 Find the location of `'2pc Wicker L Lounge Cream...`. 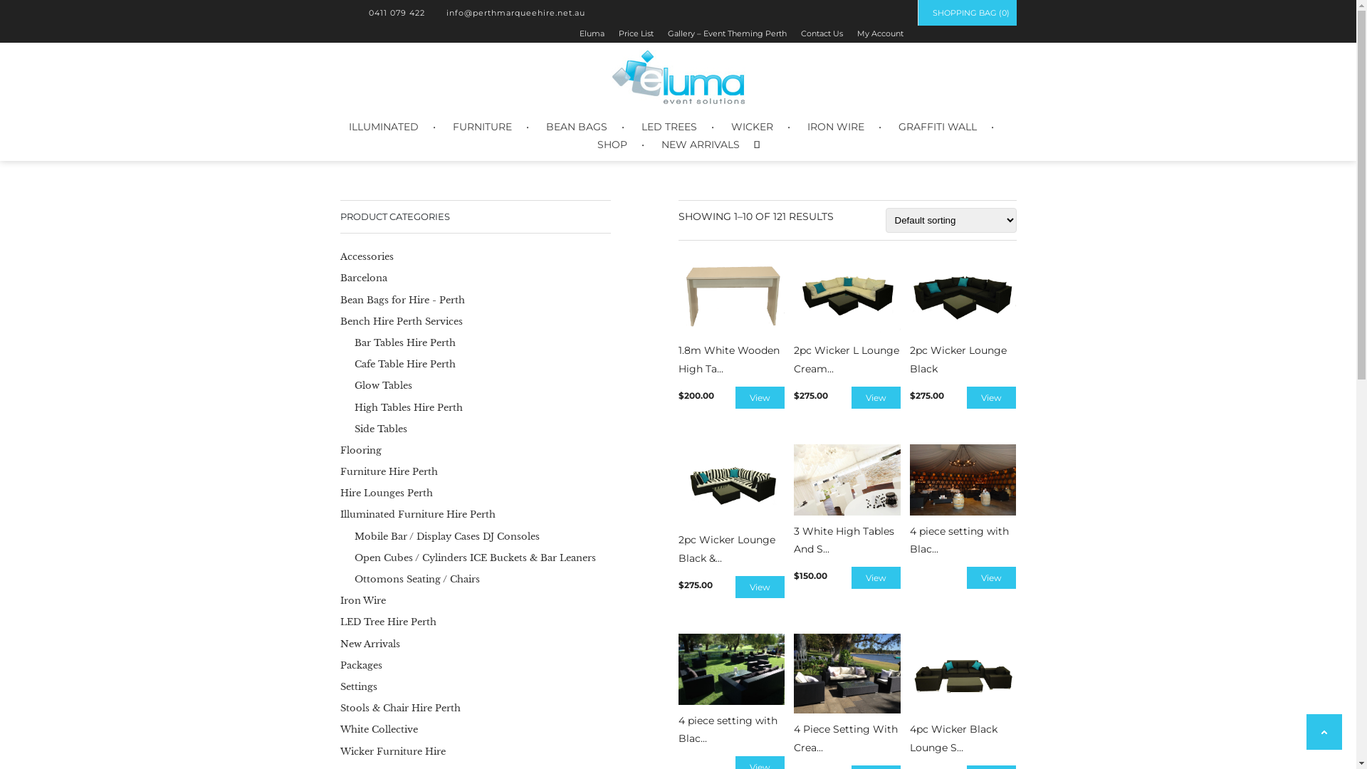

'2pc Wicker L Lounge Cream... is located at coordinates (847, 315).